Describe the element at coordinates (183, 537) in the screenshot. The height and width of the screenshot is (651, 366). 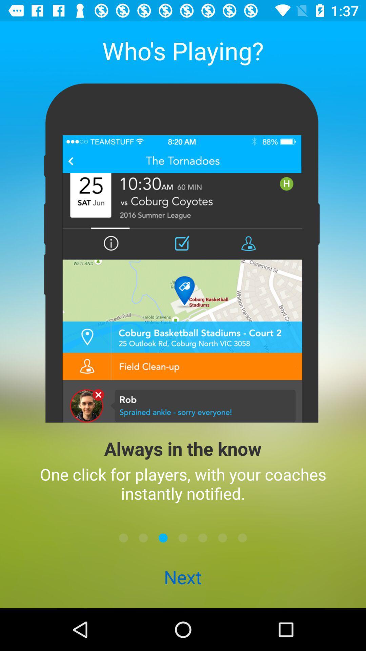
I see `next` at that location.